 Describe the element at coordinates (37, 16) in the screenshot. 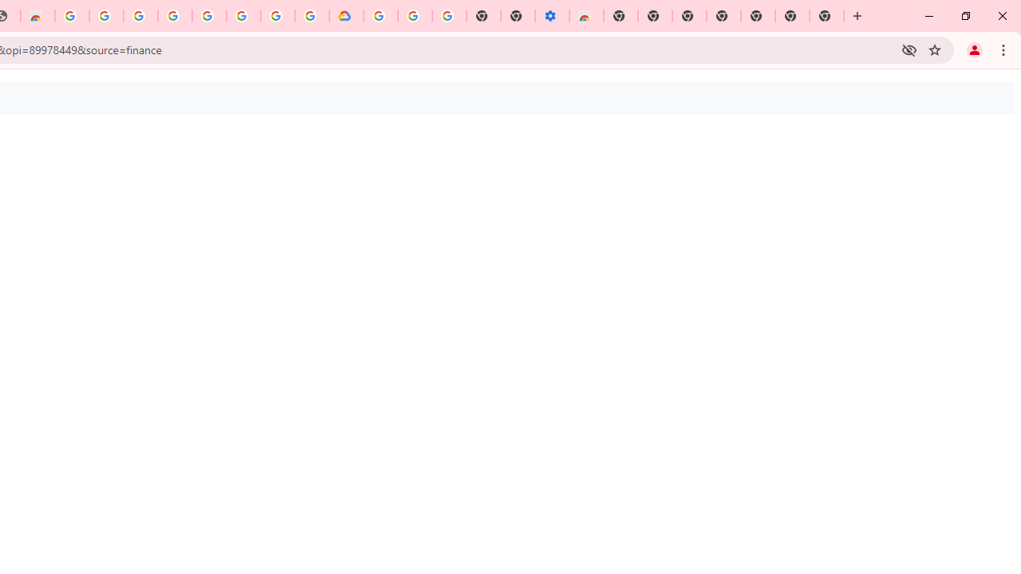

I see `'Chrome Web Store - Household'` at that location.